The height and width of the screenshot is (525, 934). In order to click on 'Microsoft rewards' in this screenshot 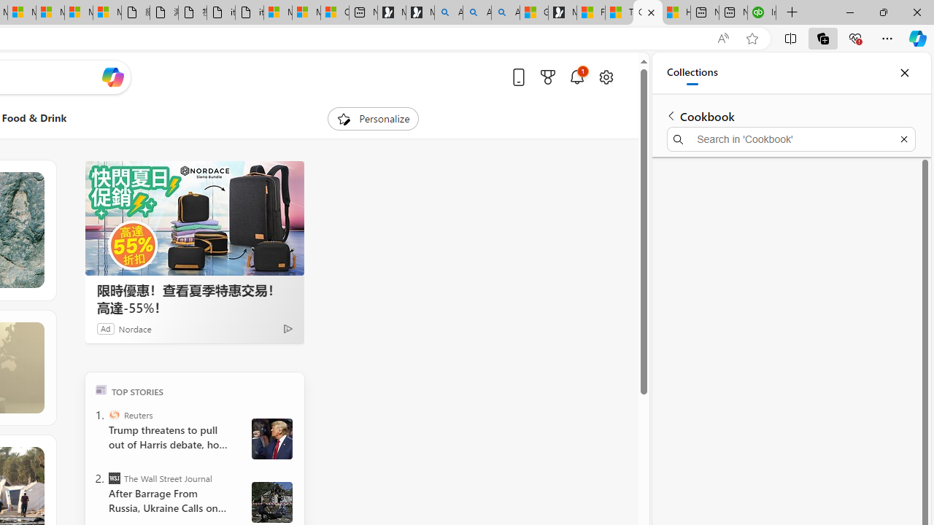, I will do `click(547, 77)`.